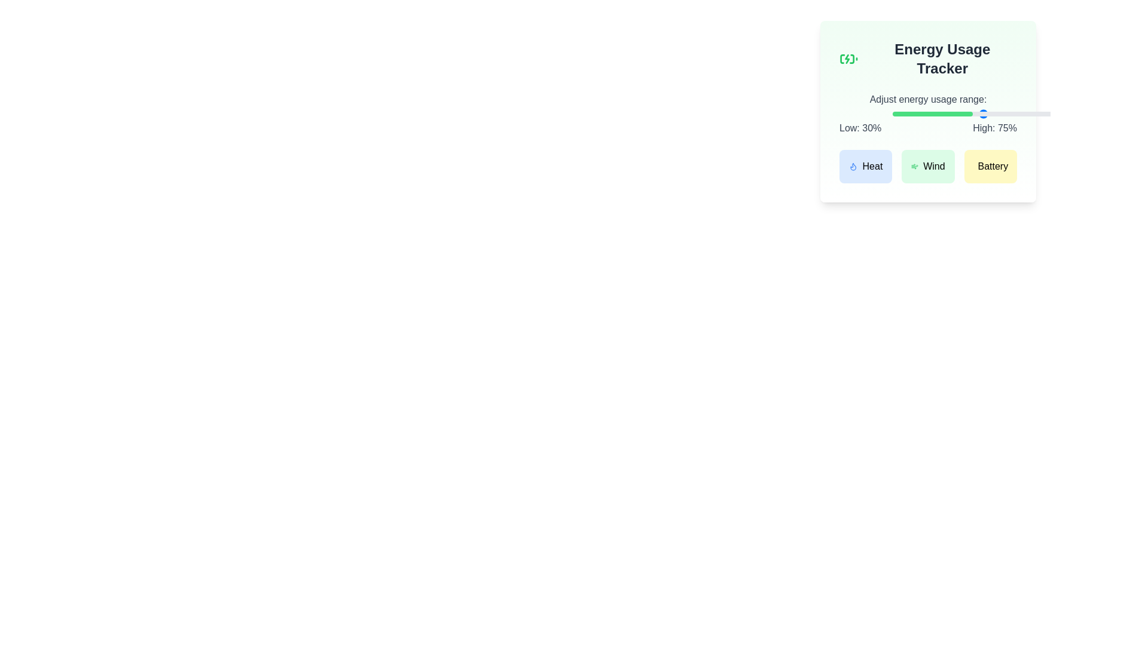  I want to click on the energy usage range, so click(969, 114).